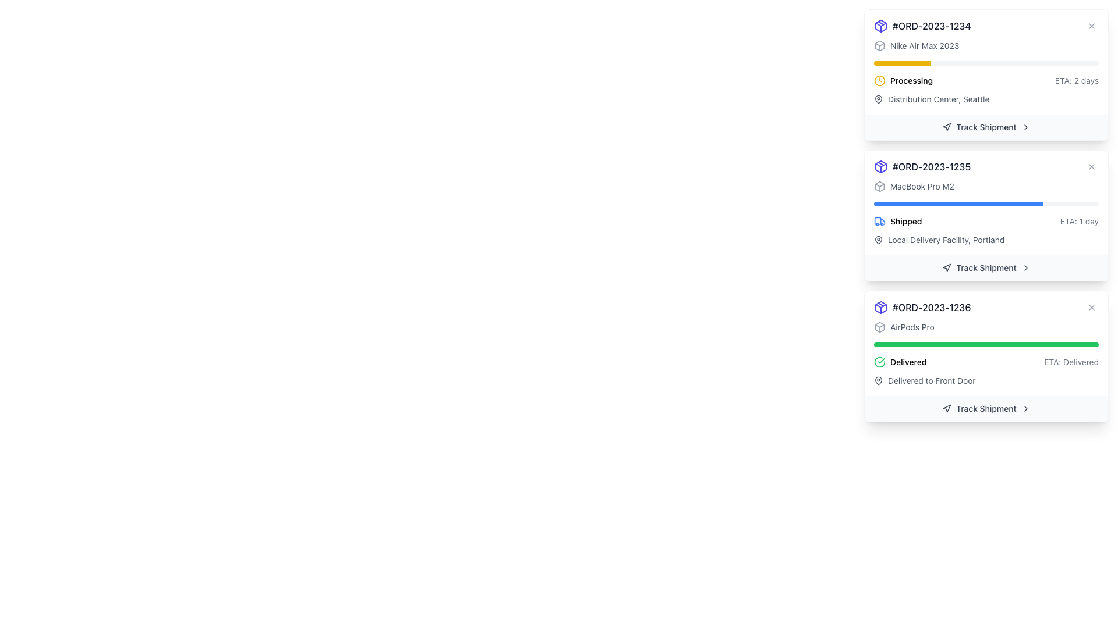  I want to click on the green horizontal progress bar indicating completed status, located below the header '#ORD-2023-1236' and above the delivery details 'Delivered to Front Door', so click(986, 342).